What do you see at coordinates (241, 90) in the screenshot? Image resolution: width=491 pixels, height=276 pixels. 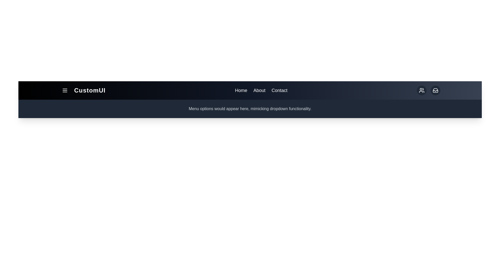 I see `the 'Home' link in the navigation bar` at bounding box center [241, 90].